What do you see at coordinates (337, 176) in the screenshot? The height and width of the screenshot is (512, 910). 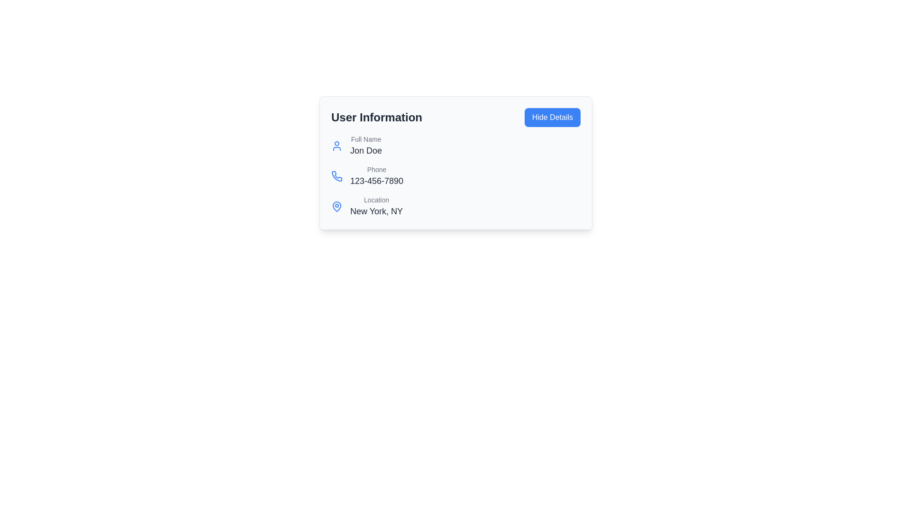 I see `the phone icon located within the user information card, specifically` at bounding box center [337, 176].